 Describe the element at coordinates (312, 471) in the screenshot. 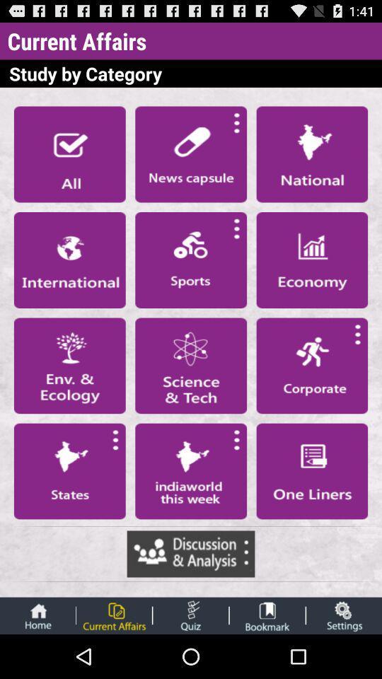

I see `writing option` at that location.